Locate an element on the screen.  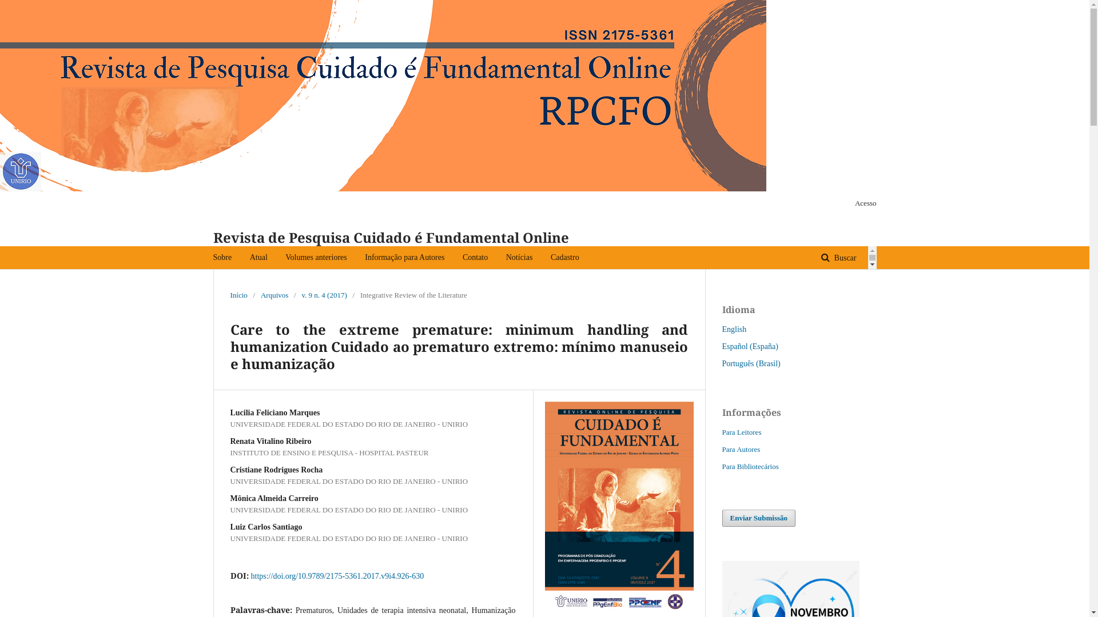
'Volumes anteriores' is located at coordinates (285, 258).